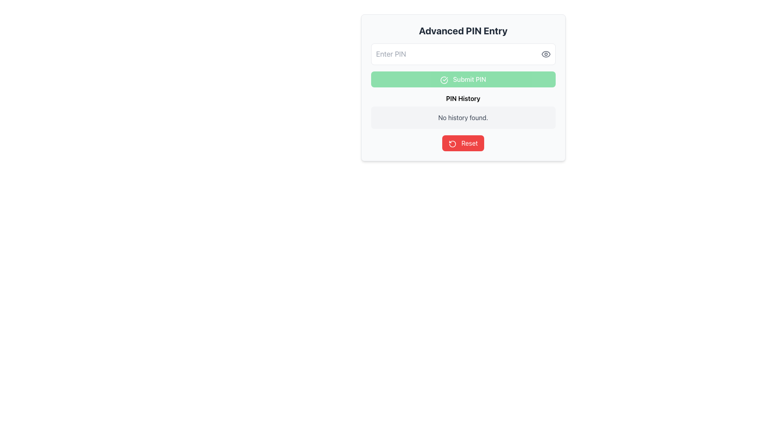  What do you see at coordinates (463, 117) in the screenshot?
I see `the read-only Text Label indicating that no historical data is available, located in the 'PIN History' section, just below the title and above the 'Reset' button` at bounding box center [463, 117].